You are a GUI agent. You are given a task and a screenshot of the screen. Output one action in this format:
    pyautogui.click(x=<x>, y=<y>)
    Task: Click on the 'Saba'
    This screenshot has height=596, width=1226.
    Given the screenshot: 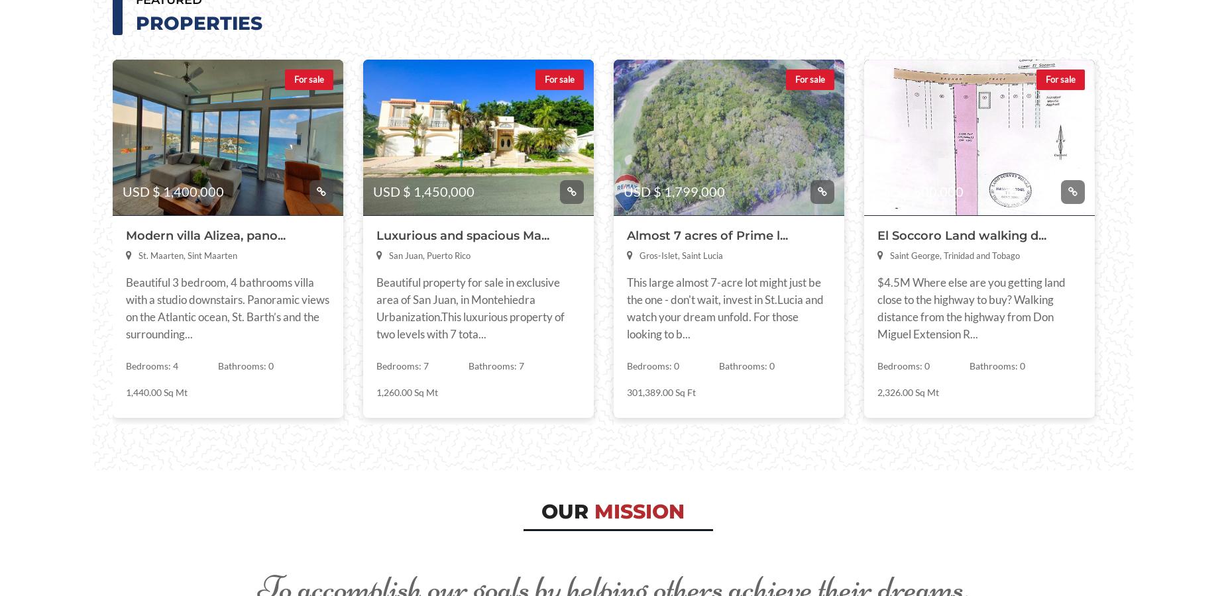 What is the action you would take?
    pyautogui.click(x=327, y=189)
    